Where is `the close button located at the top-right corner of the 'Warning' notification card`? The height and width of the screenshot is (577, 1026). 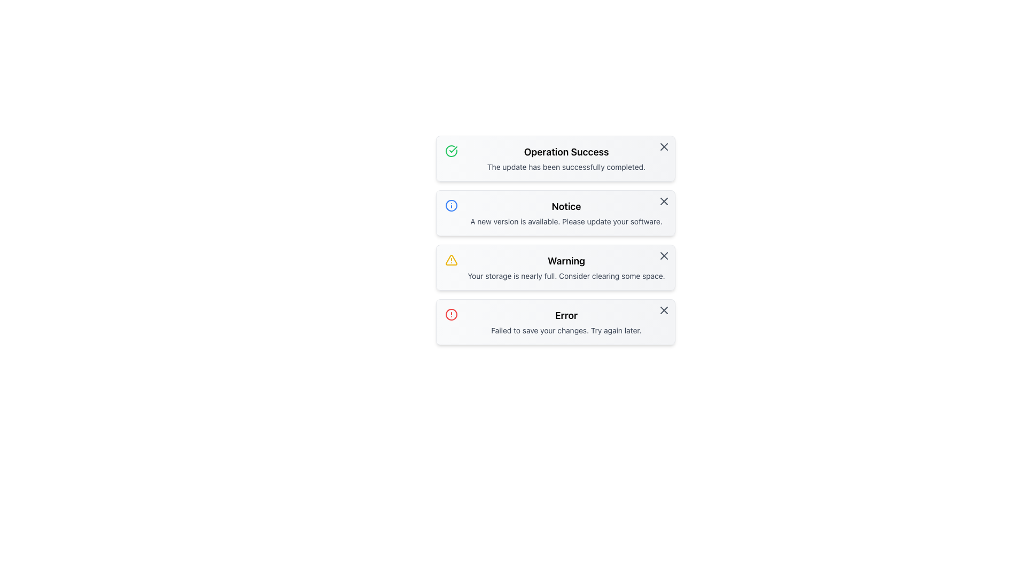
the close button located at the top-right corner of the 'Warning' notification card is located at coordinates (664, 255).